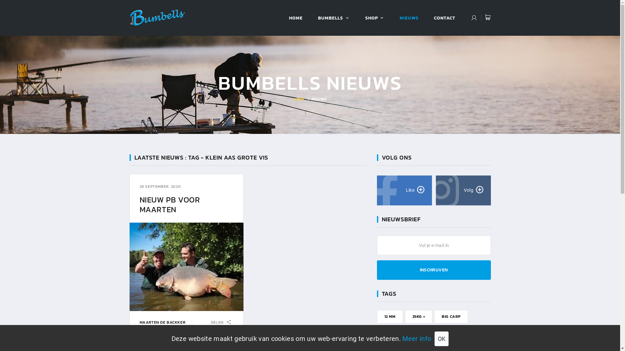 This screenshot has width=625, height=351. What do you see at coordinates (404, 190) in the screenshot?
I see `'Like'` at bounding box center [404, 190].